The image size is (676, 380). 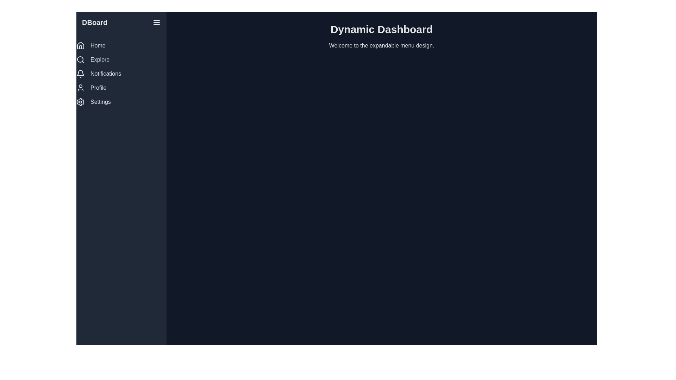 I want to click on the 'Home' icon, which is a house structure icon located at the top of the sidebar menu, so click(x=81, y=45).